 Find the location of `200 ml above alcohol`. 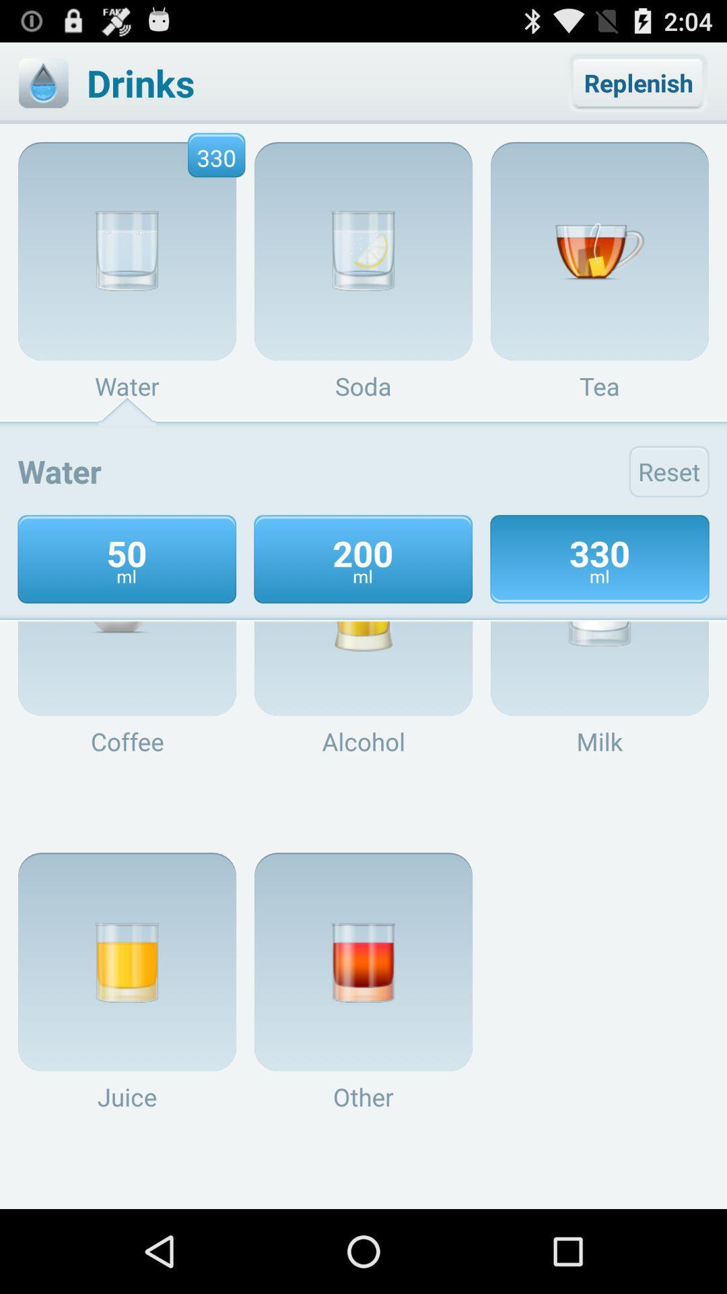

200 ml above alcohol is located at coordinates (363, 606).